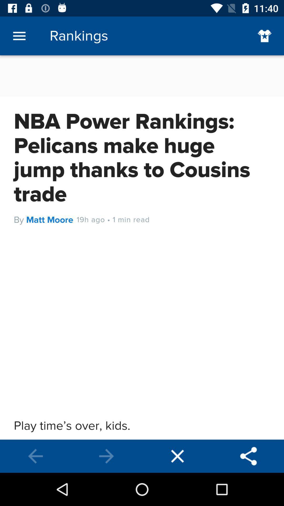  I want to click on previous, so click(35, 456).